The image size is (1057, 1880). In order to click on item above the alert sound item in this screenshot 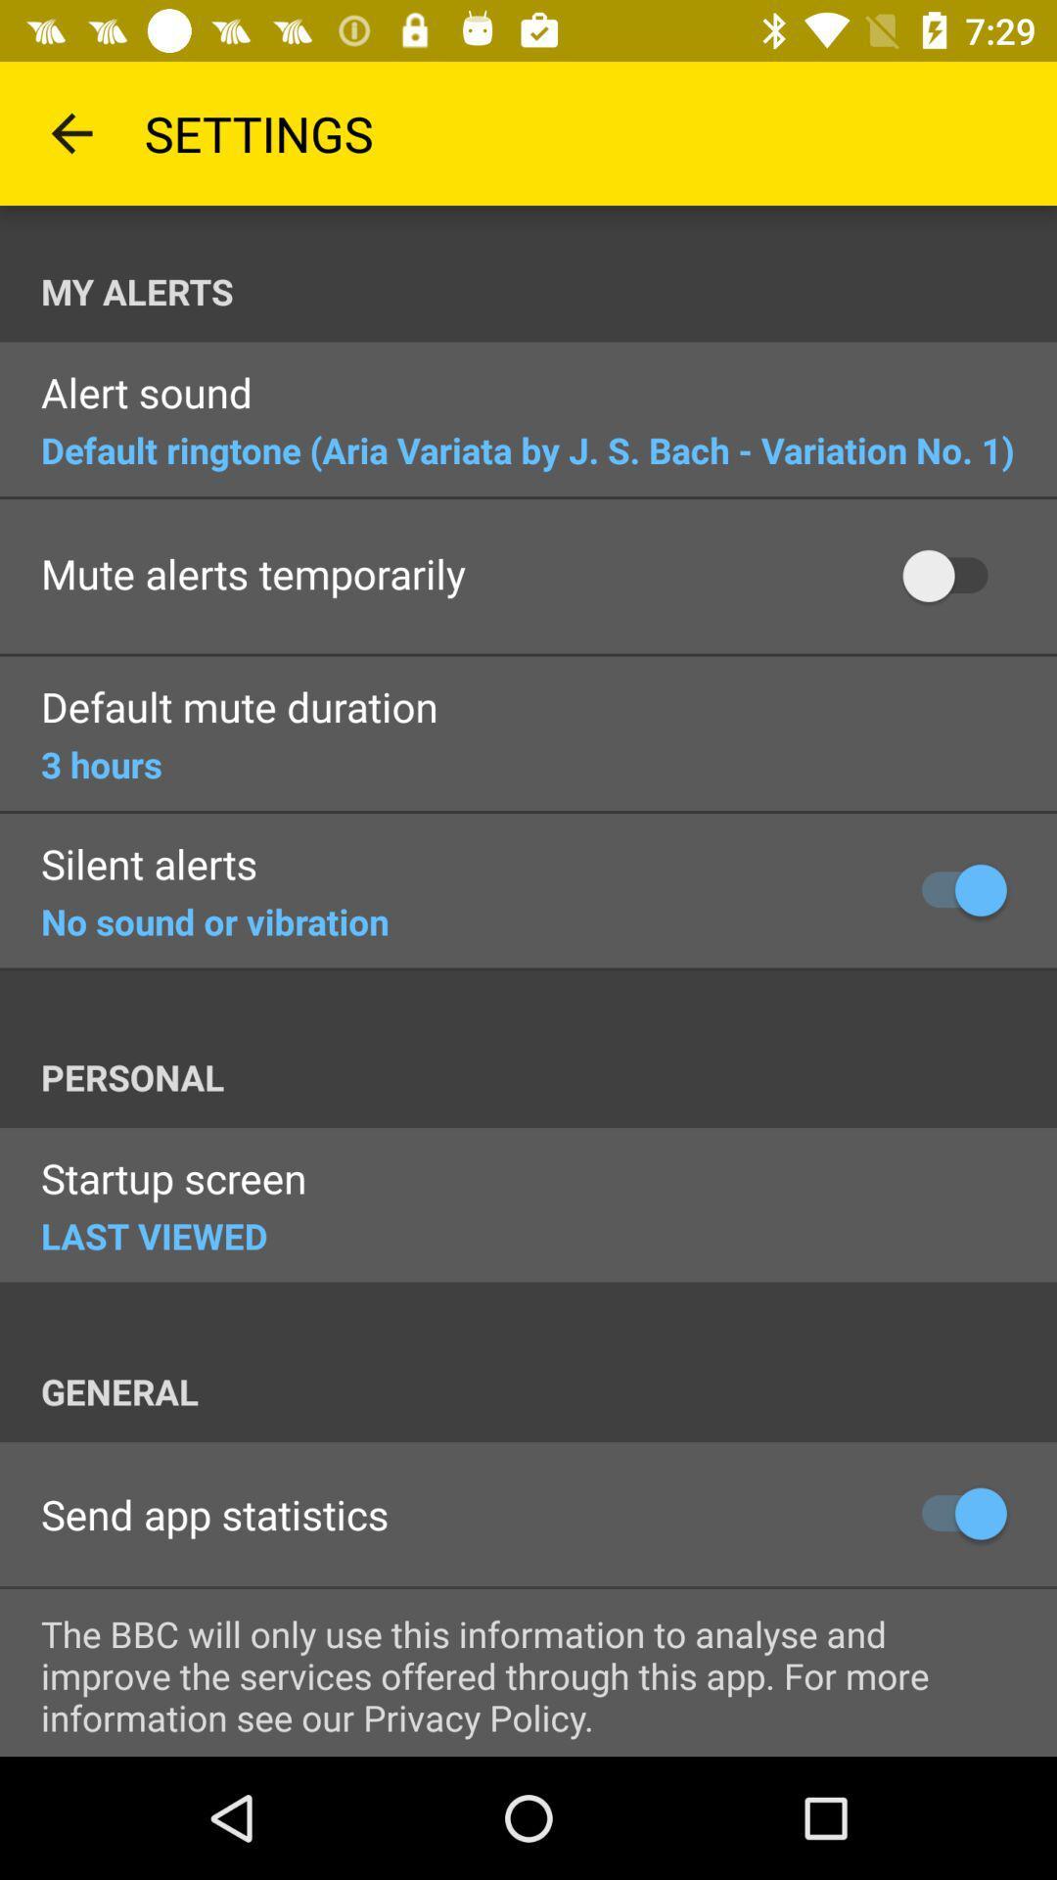, I will do `click(548, 290)`.